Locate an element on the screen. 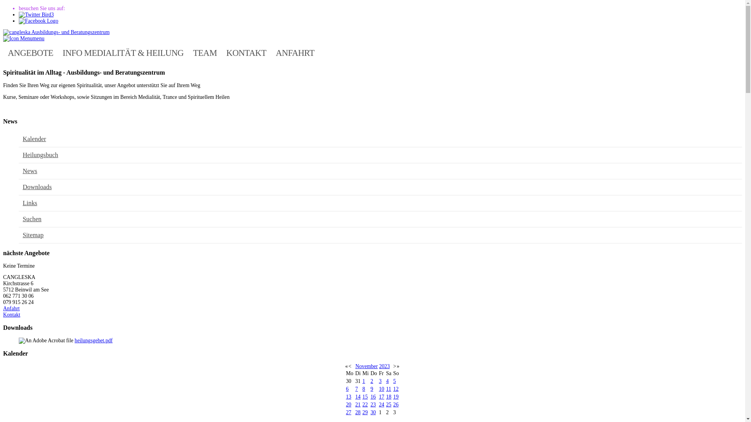 Image resolution: width=751 pixels, height=422 pixels. 'heilungsgebet.pdf' is located at coordinates (93, 340).